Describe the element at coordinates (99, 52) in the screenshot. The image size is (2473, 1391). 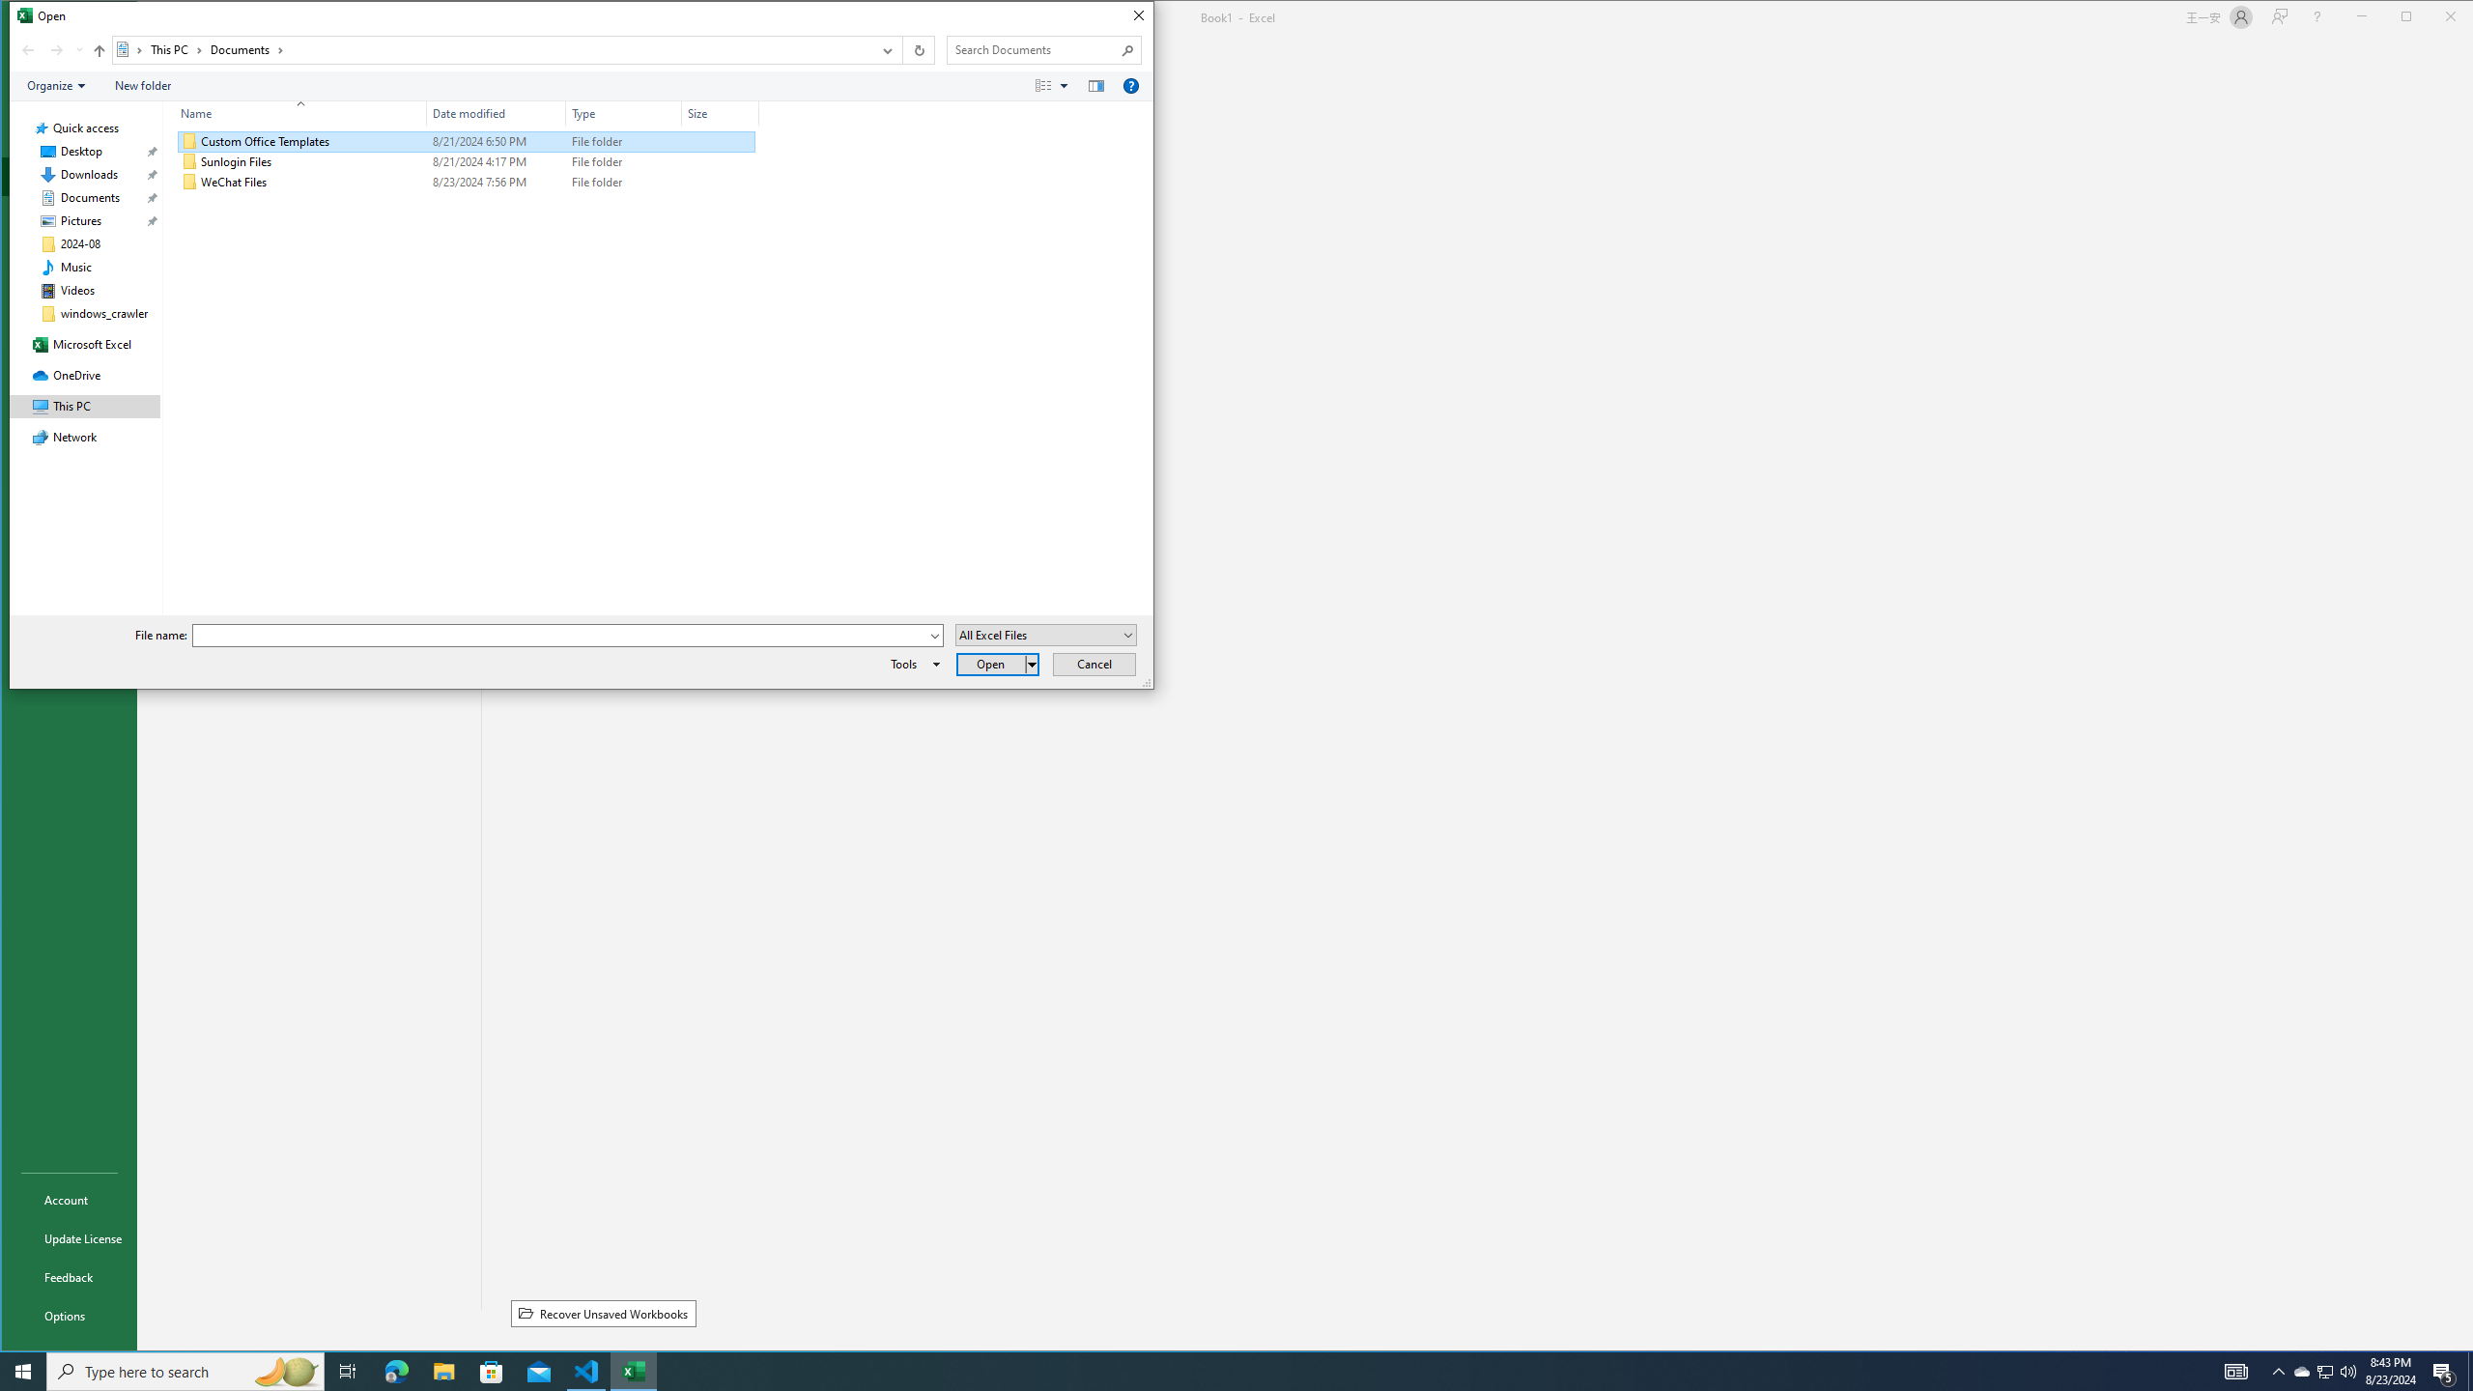
I see `'Up band toolbar'` at that location.